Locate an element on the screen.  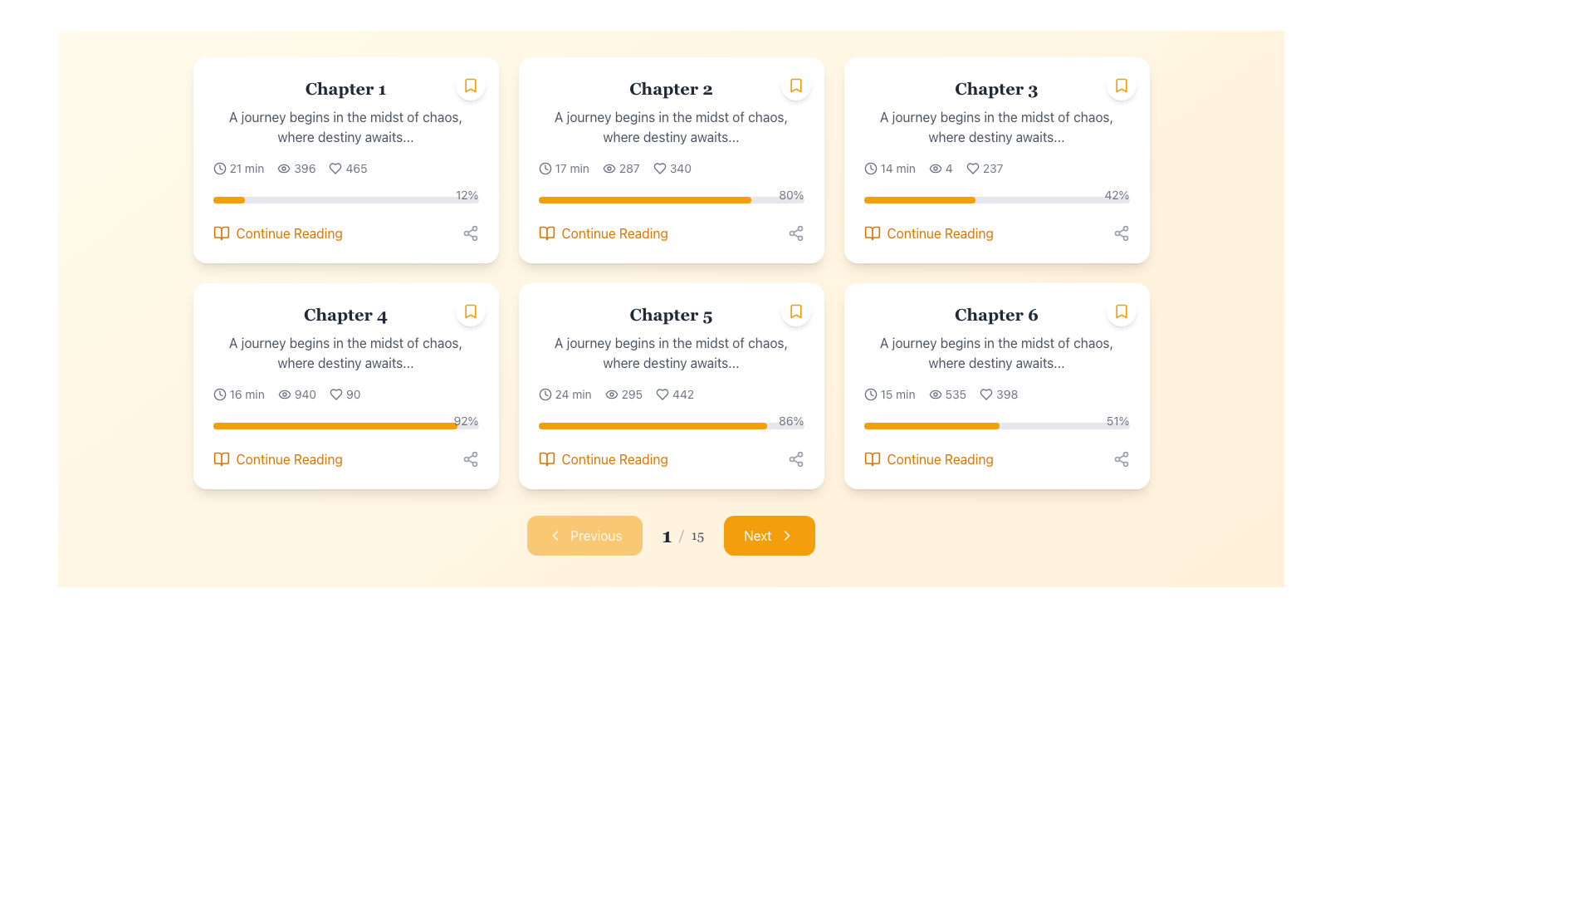
the static text element located underneath the heading 'Chapter 4' in the card layout for Chapter 4 is located at coordinates (345, 351).